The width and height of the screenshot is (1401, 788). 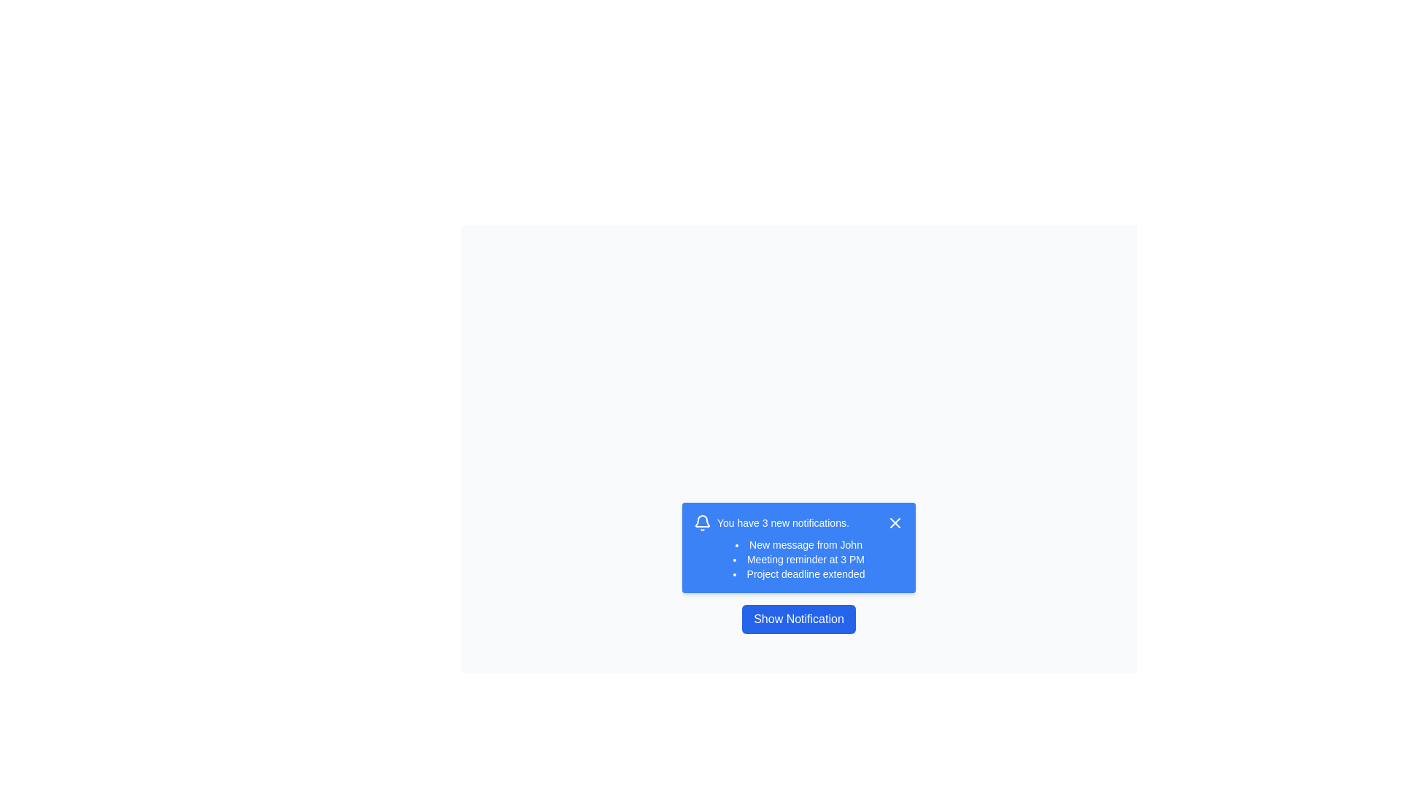 I want to click on the notification message with a bell icon that reads 'You have 3 new notifications.', so click(x=771, y=522).